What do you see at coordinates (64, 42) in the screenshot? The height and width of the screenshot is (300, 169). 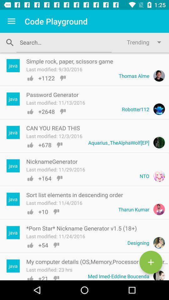 I see `to go search` at bounding box center [64, 42].